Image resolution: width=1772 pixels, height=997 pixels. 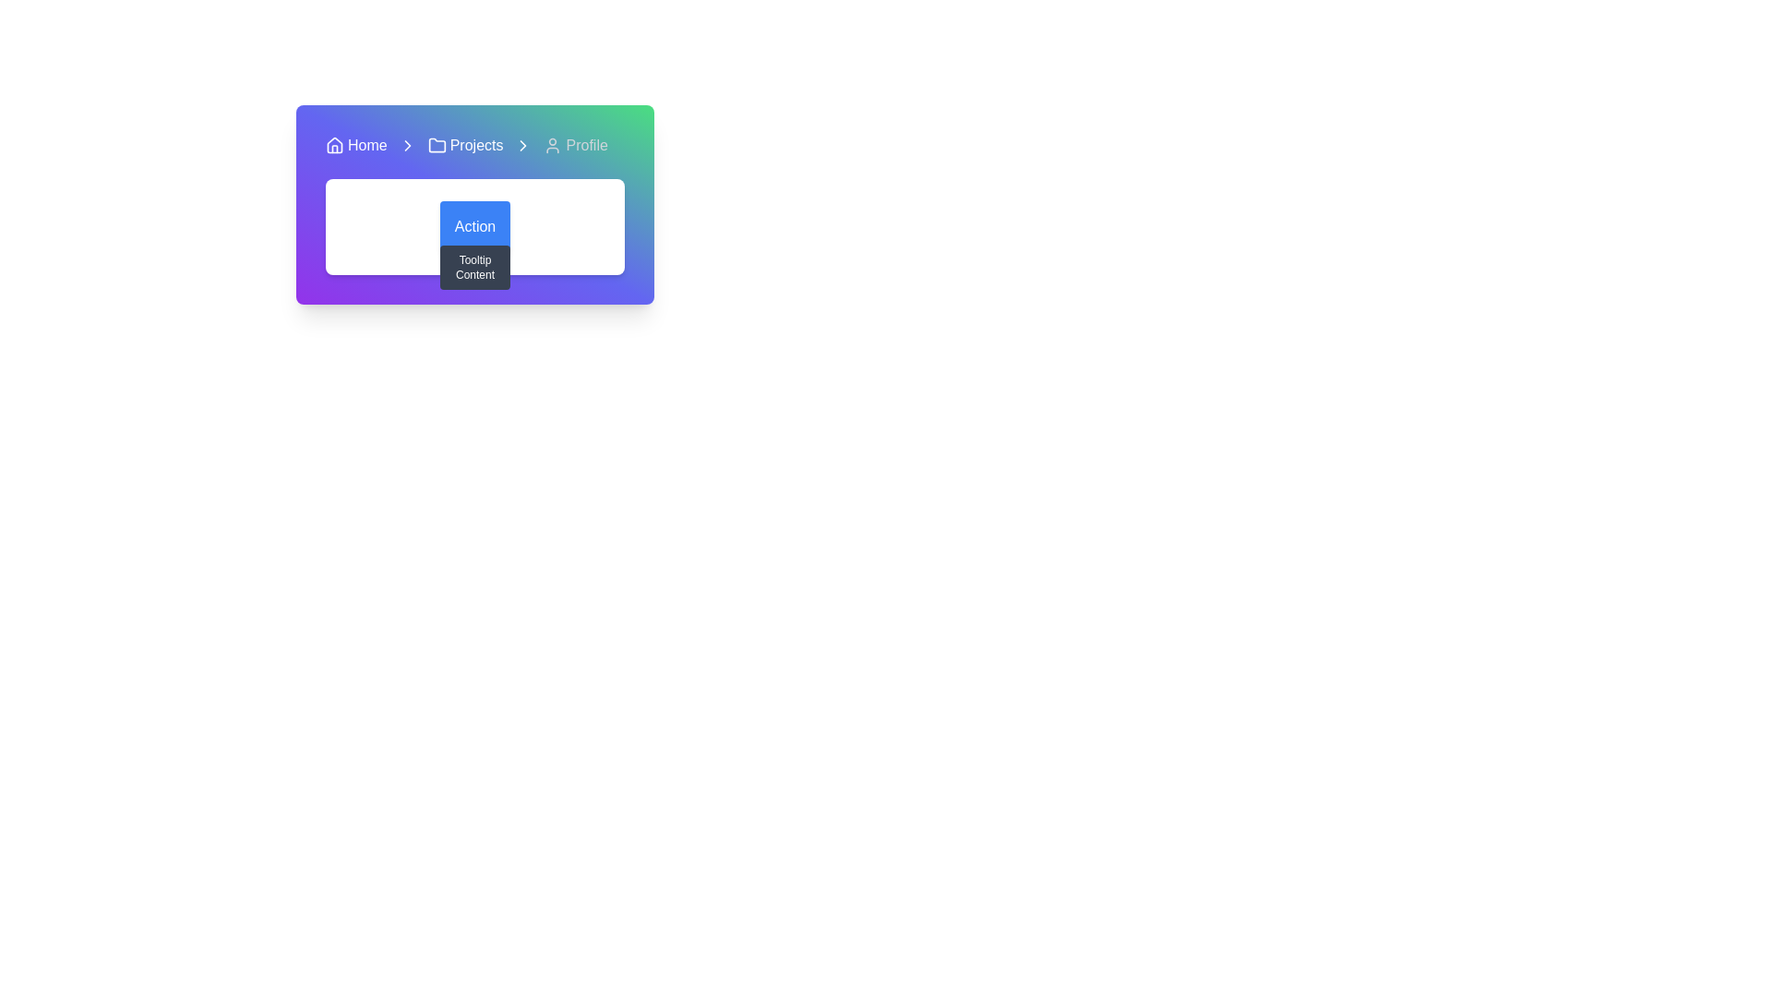 I want to click on the 'Projects' breadcrumb navigation link, so click(x=465, y=145).